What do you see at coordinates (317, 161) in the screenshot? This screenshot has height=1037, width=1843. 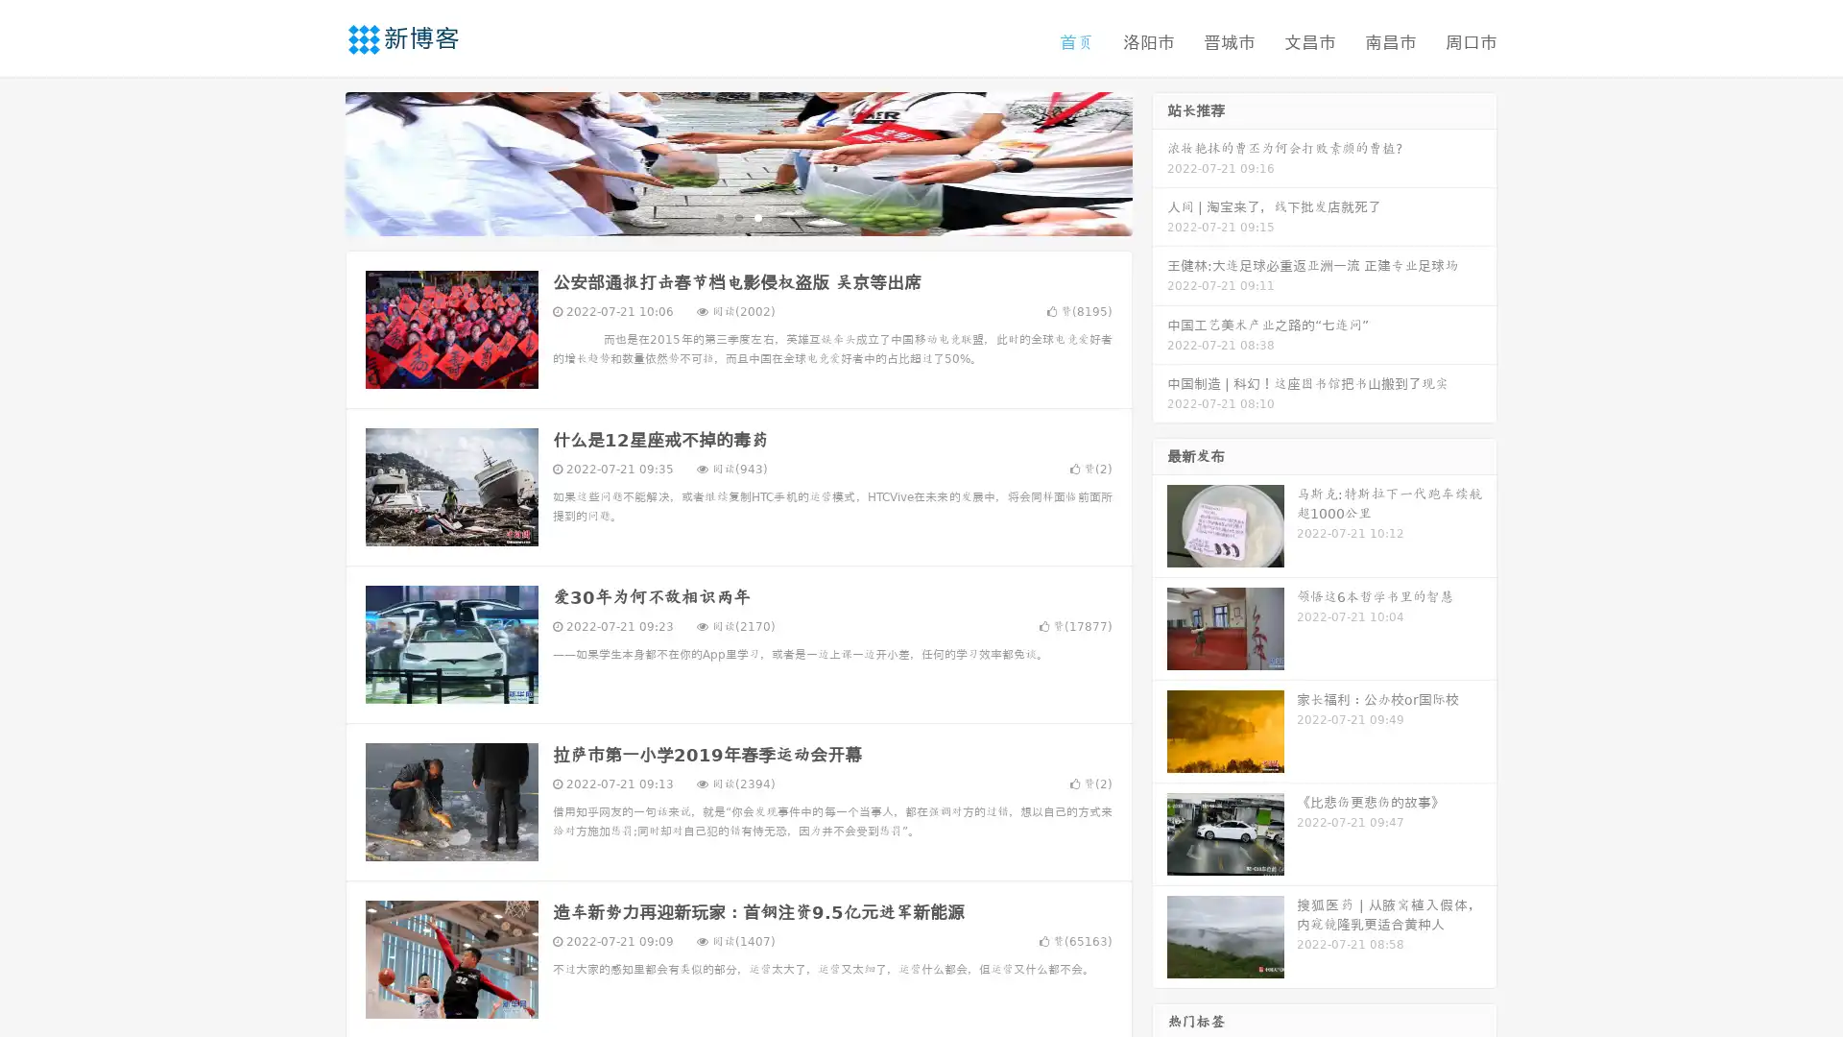 I see `Previous slide` at bounding box center [317, 161].